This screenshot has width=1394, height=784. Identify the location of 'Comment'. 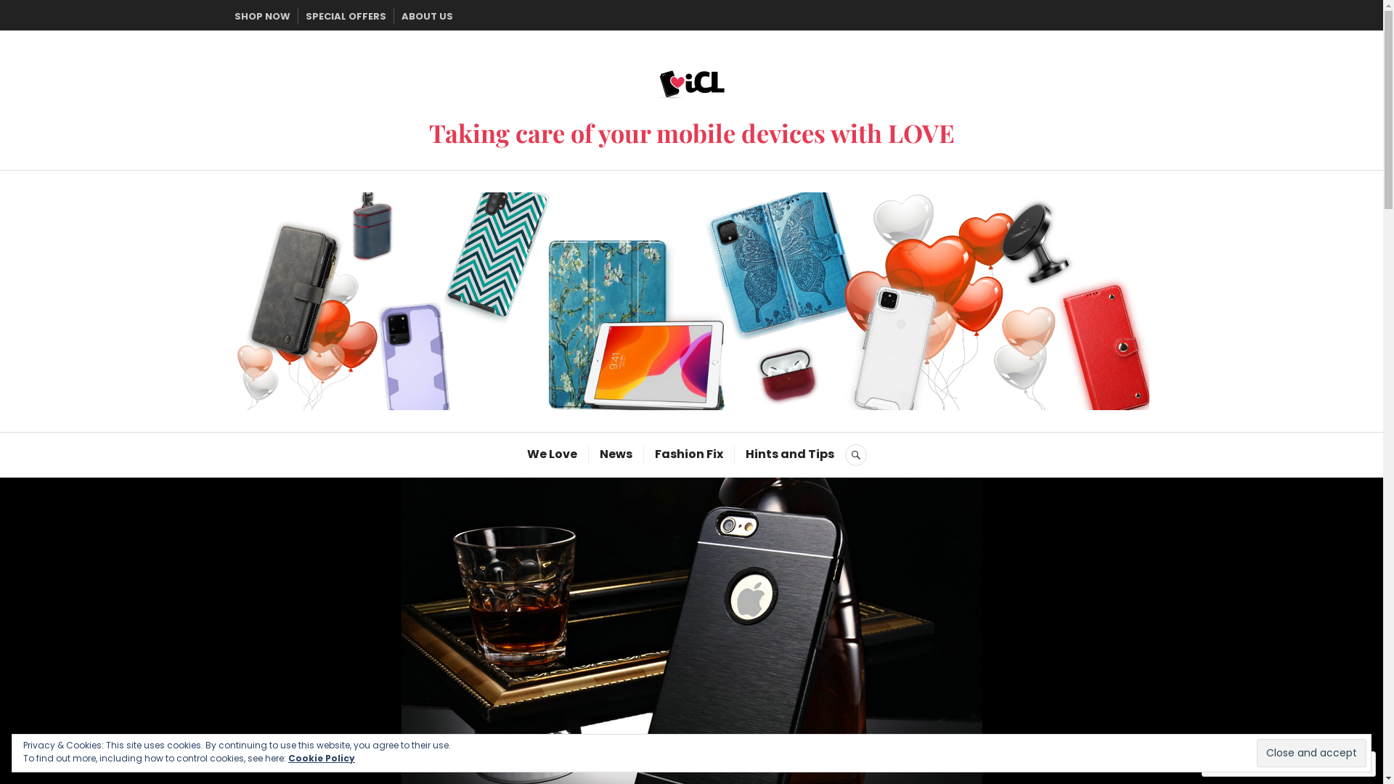
(1240, 763).